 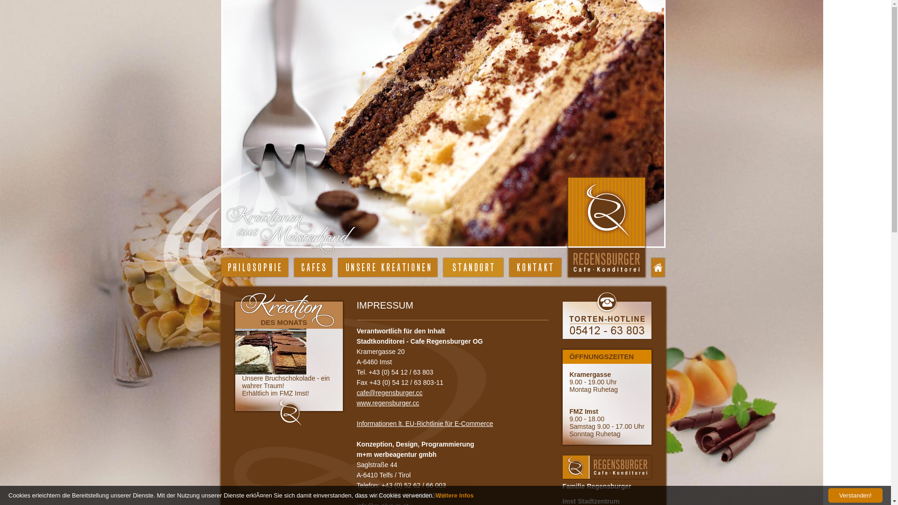 I want to click on 'UNSERE KREATIONEN', so click(x=387, y=267).